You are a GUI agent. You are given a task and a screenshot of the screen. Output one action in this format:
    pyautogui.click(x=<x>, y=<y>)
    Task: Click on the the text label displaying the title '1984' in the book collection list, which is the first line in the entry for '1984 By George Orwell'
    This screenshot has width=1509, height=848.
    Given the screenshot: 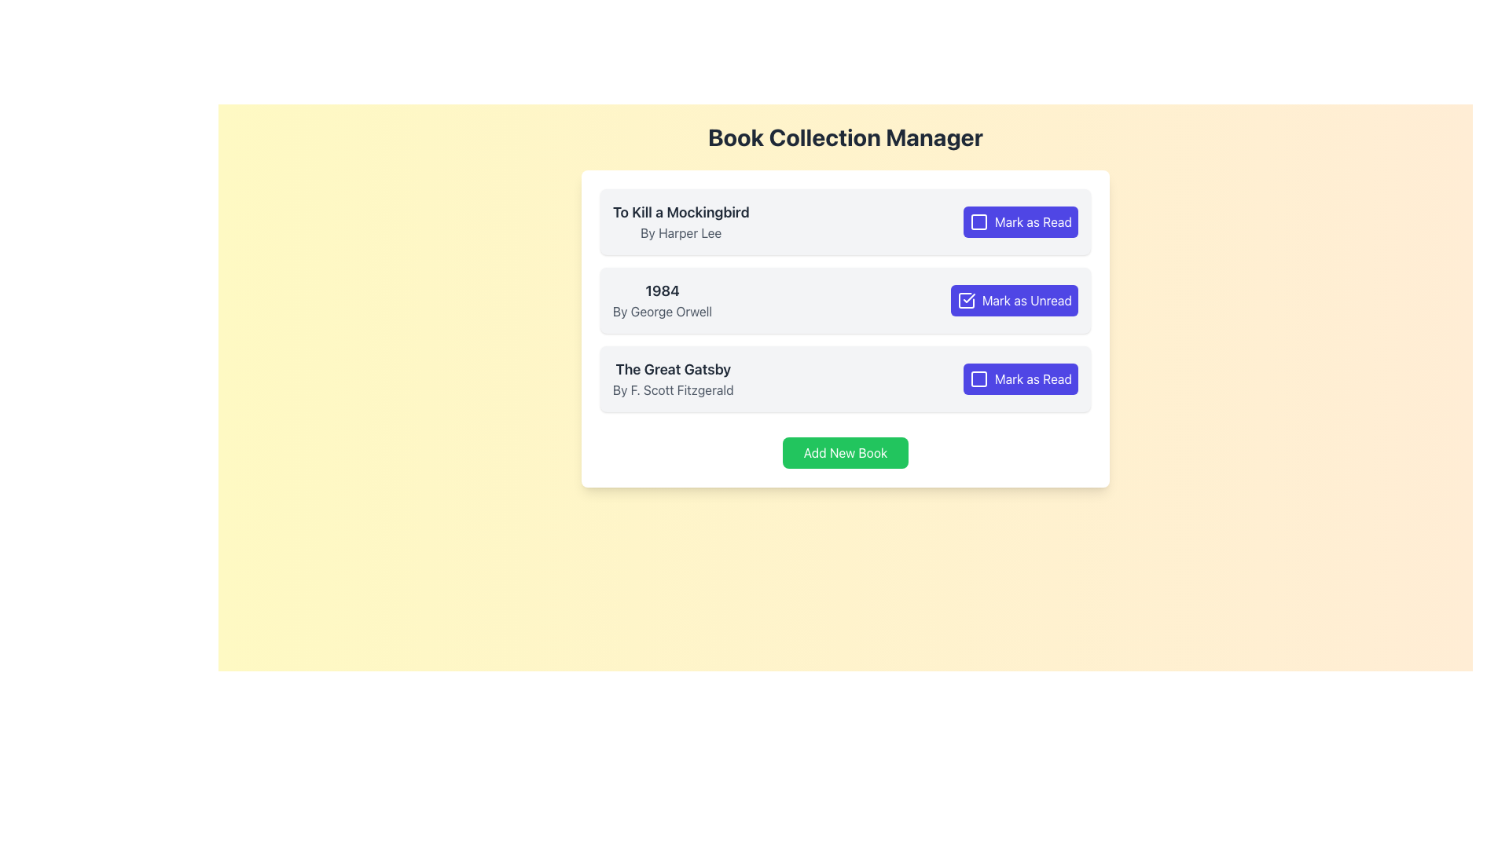 What is the action you would take?
    pyautogui.click(x=663, y=291)
    